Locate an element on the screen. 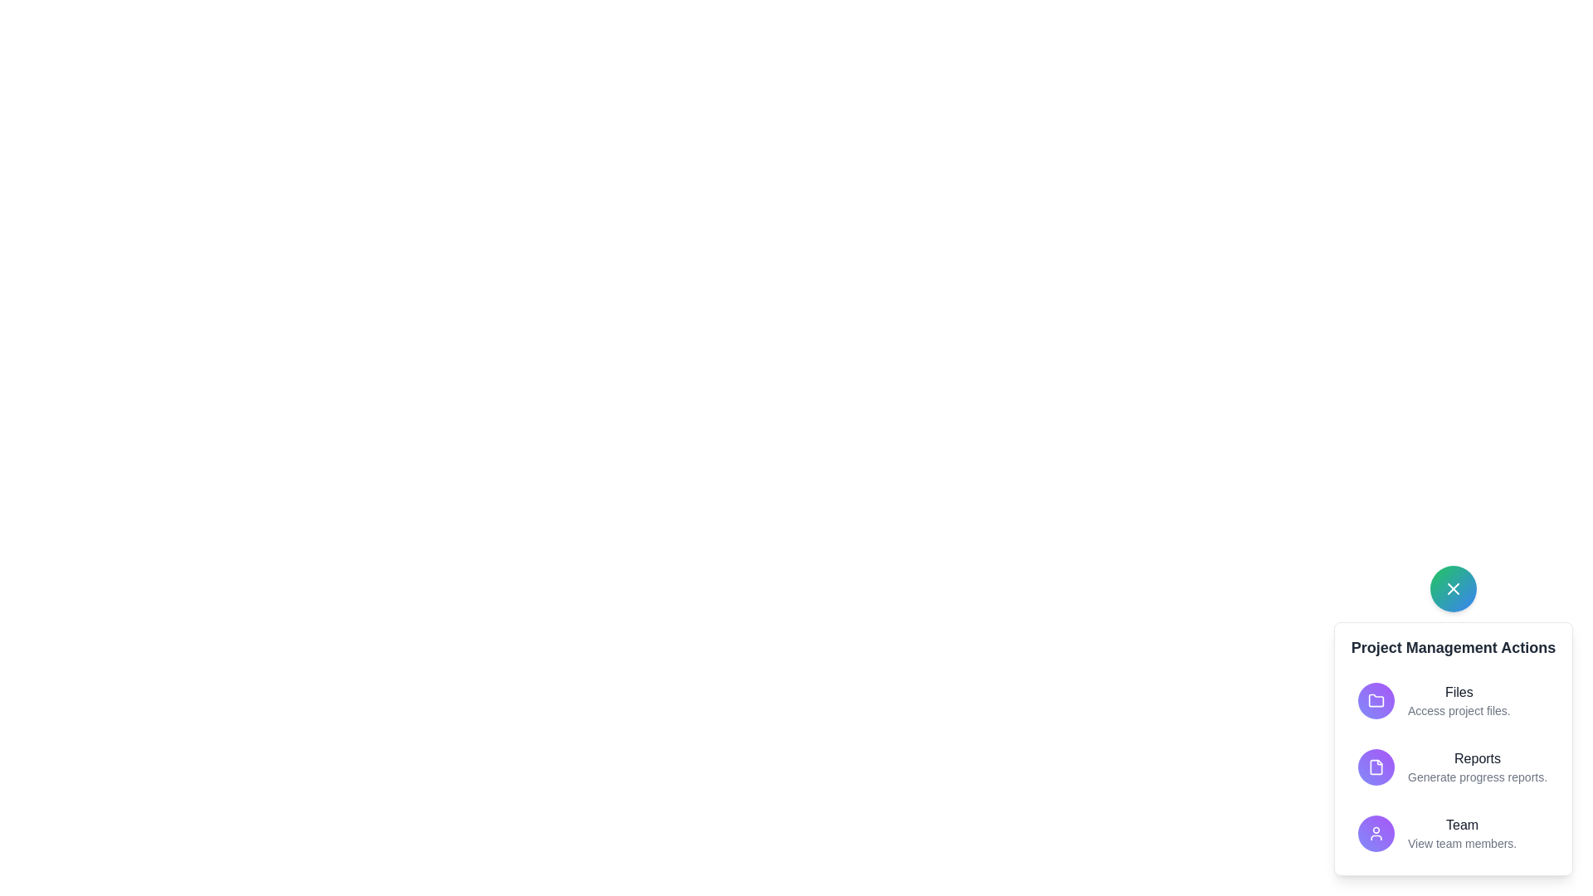  the 'Team' action button is located at coordinates (1461, 834).